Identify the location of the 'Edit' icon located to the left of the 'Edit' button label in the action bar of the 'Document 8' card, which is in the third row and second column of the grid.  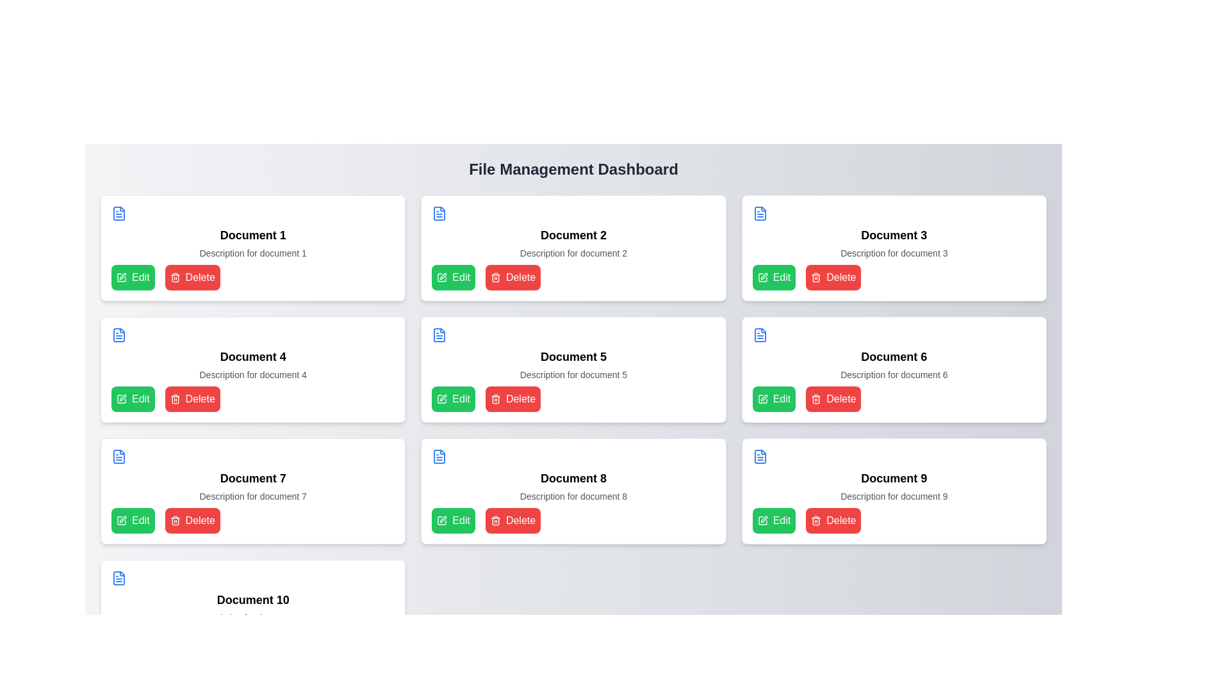
(442, 520).